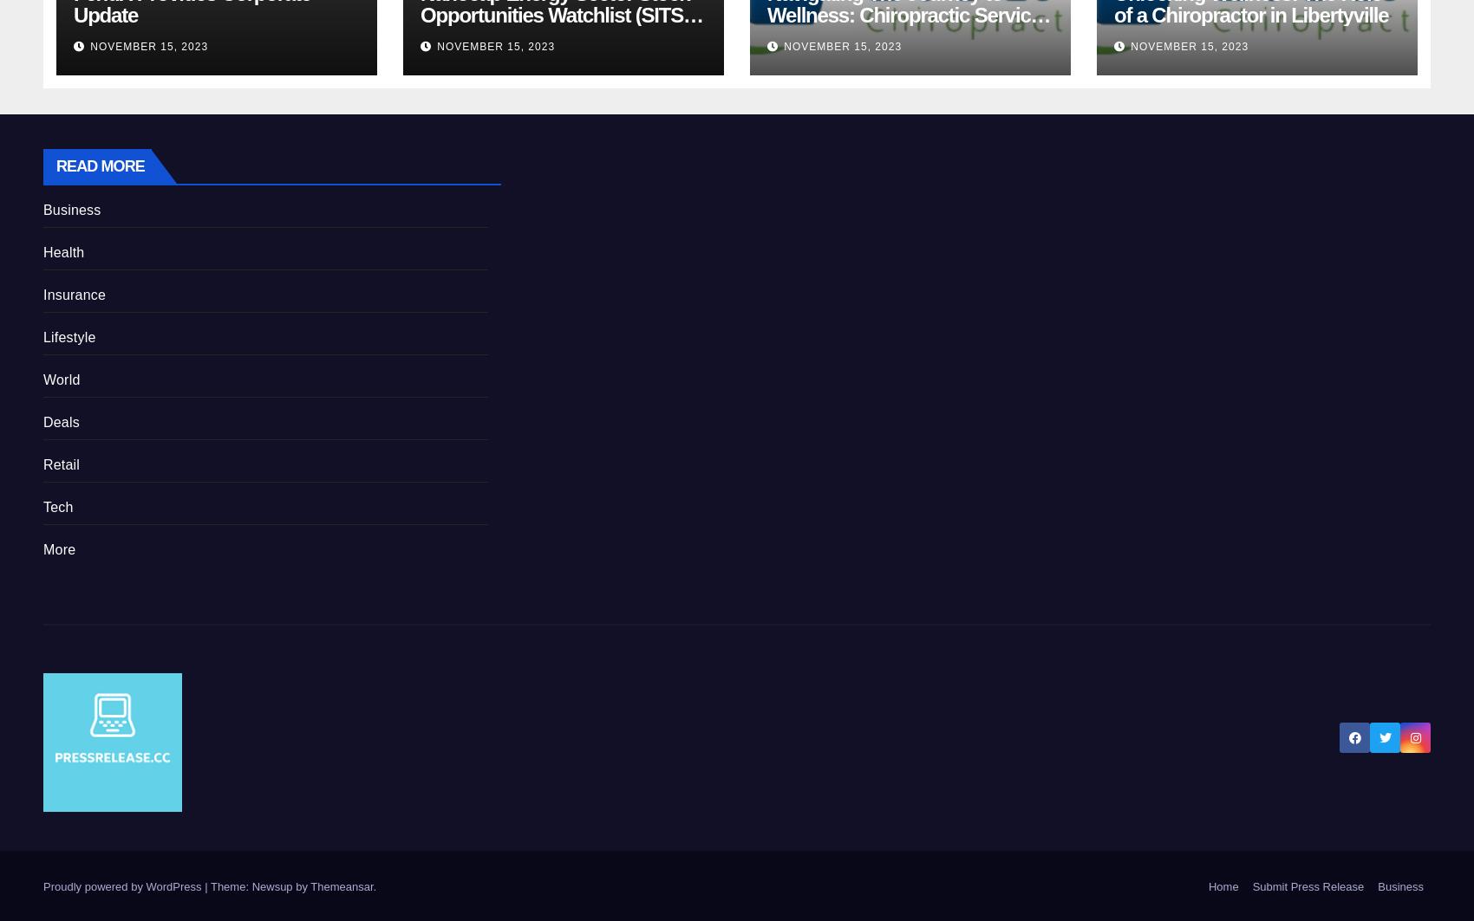 The image size is (1474, 921). Describe the element at coordinates (69, 336) in the screenshot. I see `'Lifestyle'` at that location.